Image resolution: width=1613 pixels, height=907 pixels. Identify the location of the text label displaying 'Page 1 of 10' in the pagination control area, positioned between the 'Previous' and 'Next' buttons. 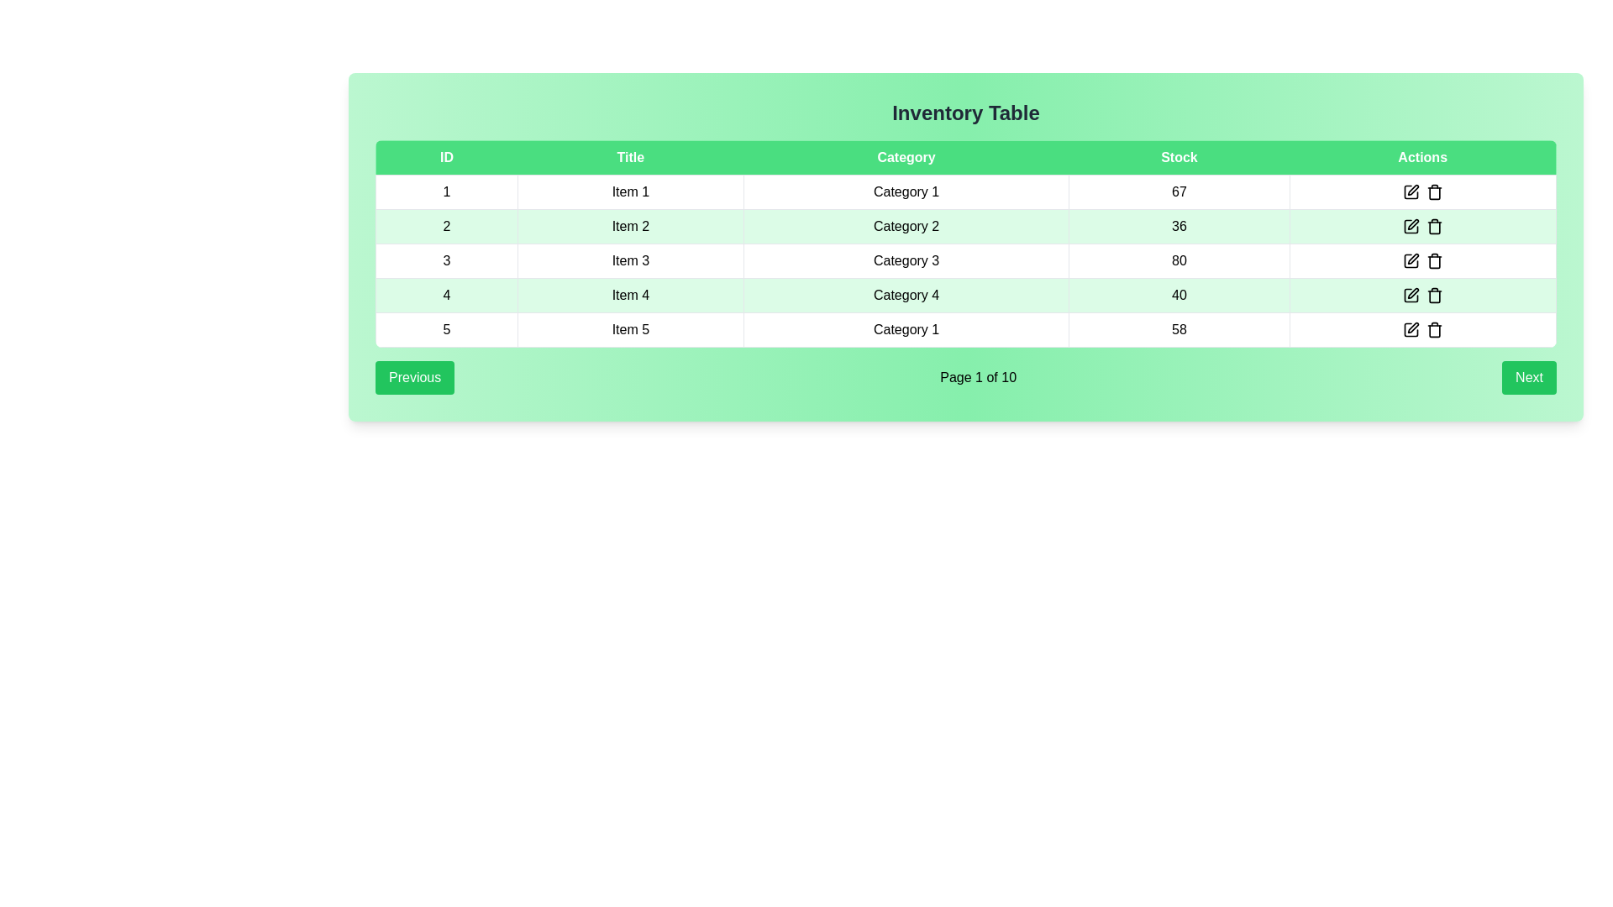
(978, 378).